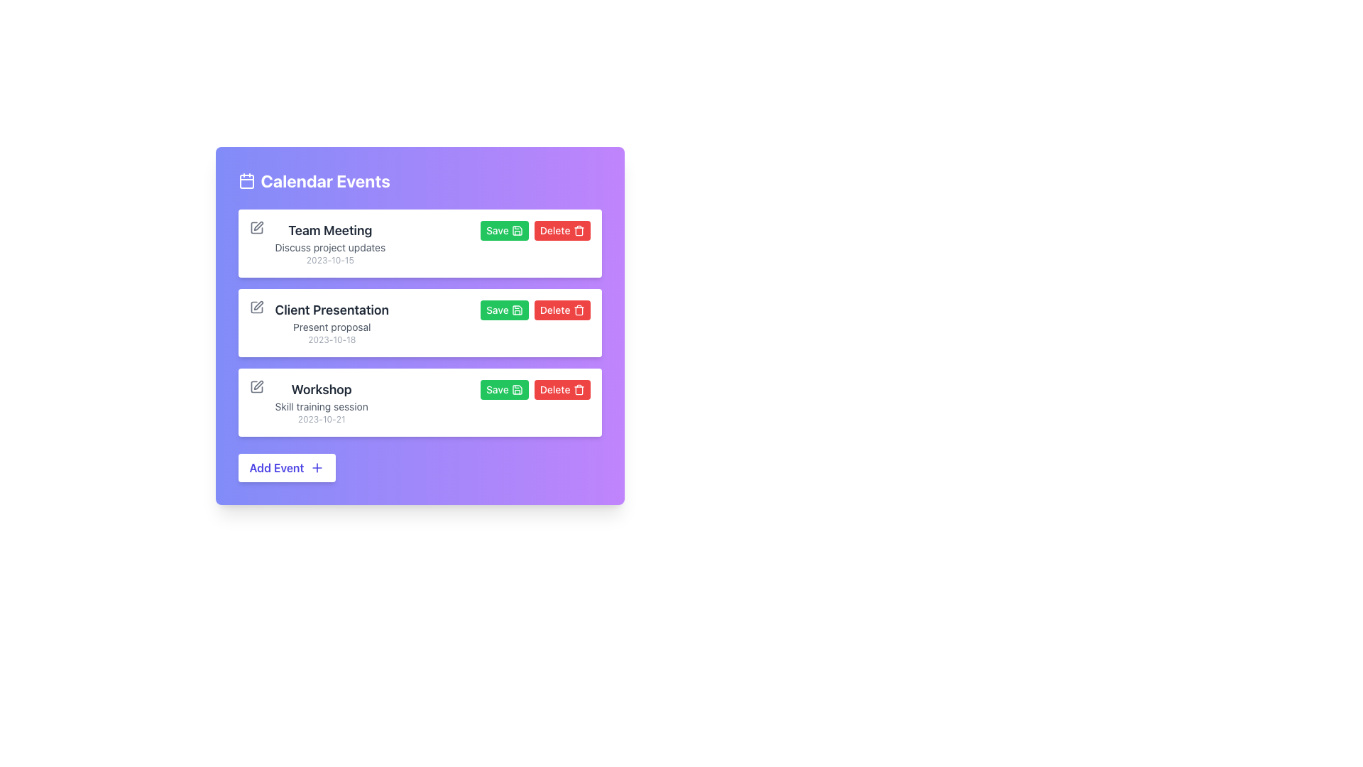 This screenshot has width=1363, height=767. I want to click on the green 'Save' button located in the lower section of the interface within the 'Workshop' event card to observe the hover effect, so click(504, 389).